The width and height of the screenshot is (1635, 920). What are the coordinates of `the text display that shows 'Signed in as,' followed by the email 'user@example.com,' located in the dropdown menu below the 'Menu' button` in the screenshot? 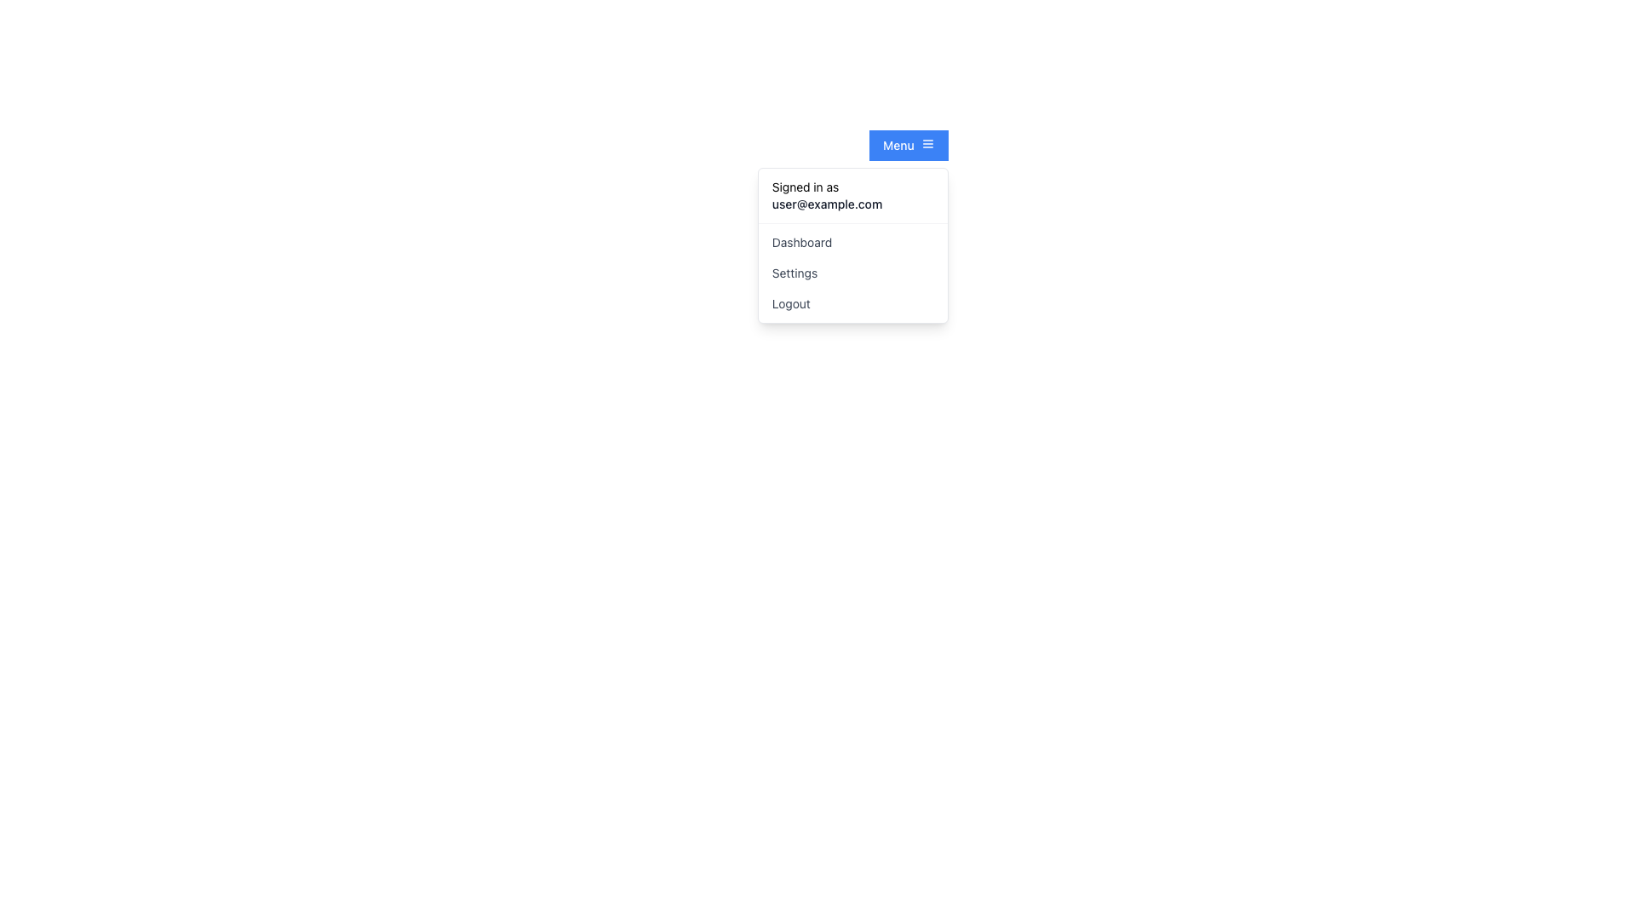 It's located at (852, 195).